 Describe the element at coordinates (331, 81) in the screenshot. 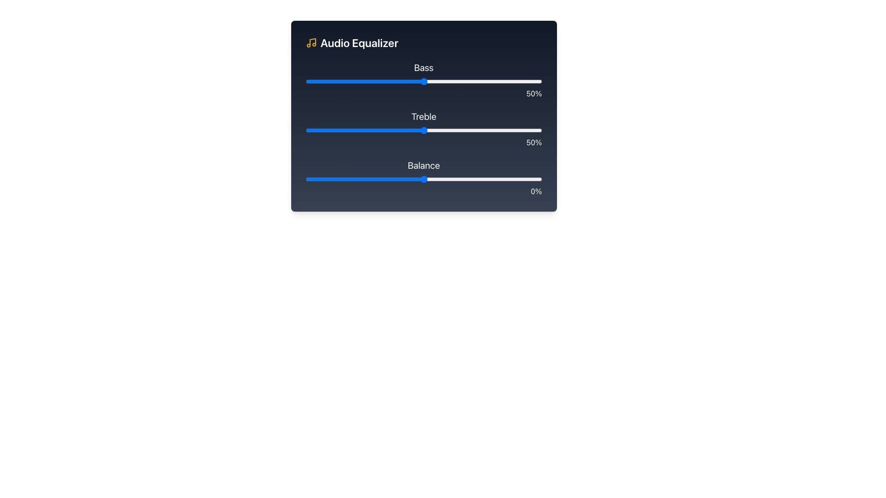

I see `the Bass level` at that location.